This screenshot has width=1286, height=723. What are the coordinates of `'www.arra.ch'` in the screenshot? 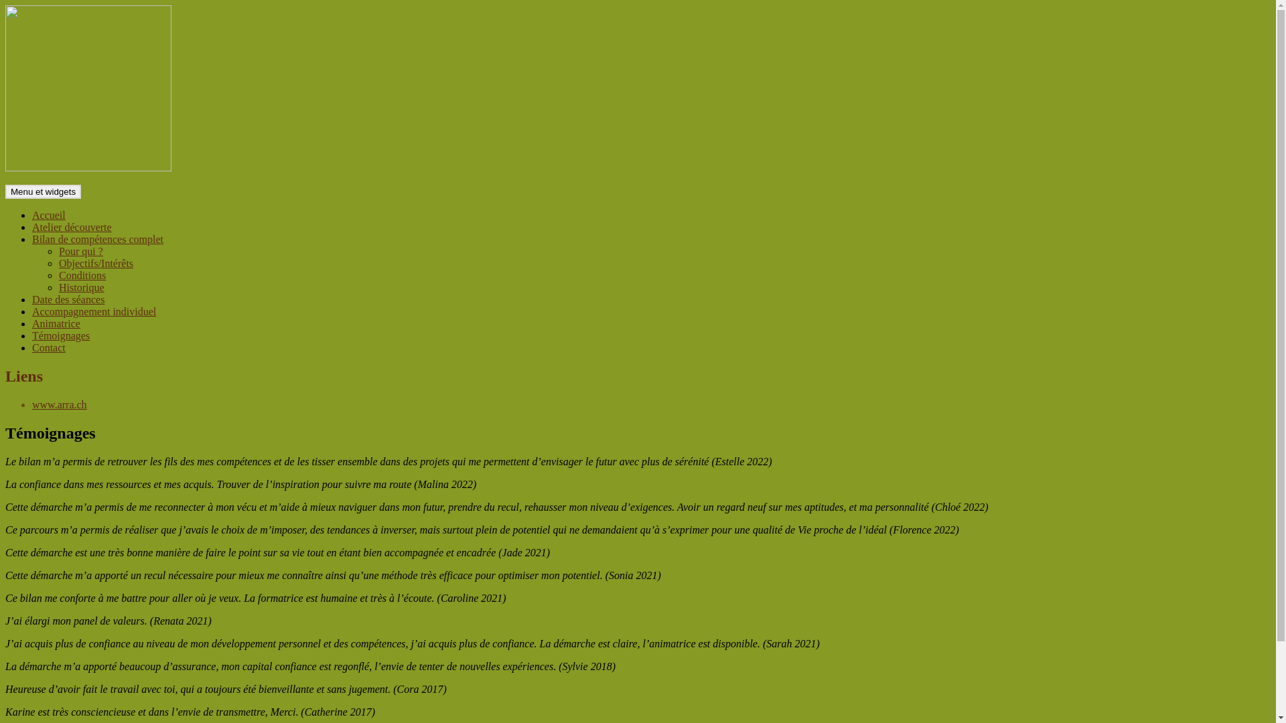 It's located at (59, 404).